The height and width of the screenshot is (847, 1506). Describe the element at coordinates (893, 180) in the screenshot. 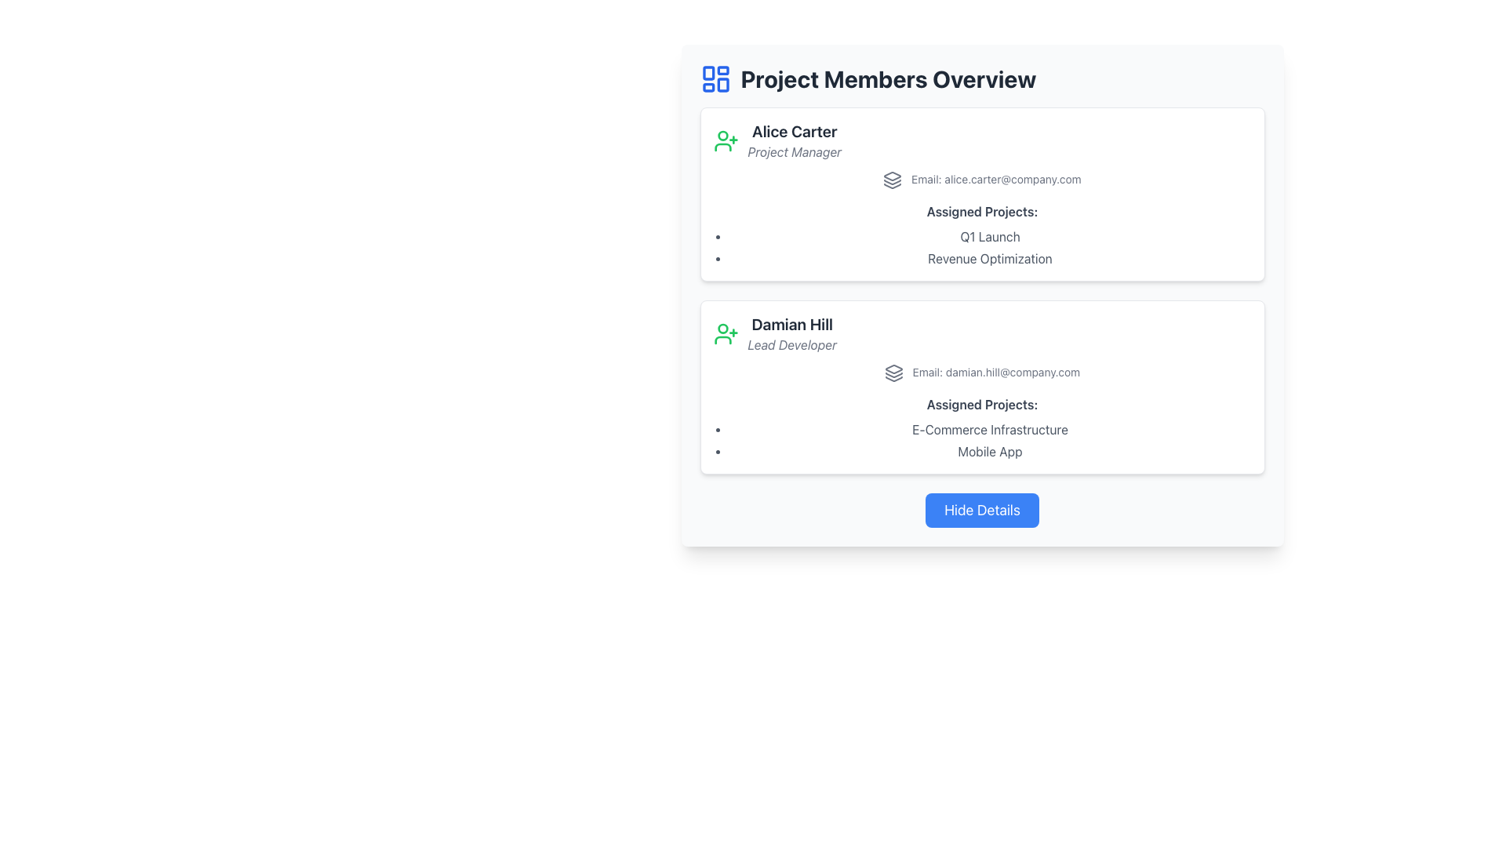

I see `the decorative email icon located to the left of the email text 'Email: alice.carter@company.com' in Alice Carter's details panel` at that location.